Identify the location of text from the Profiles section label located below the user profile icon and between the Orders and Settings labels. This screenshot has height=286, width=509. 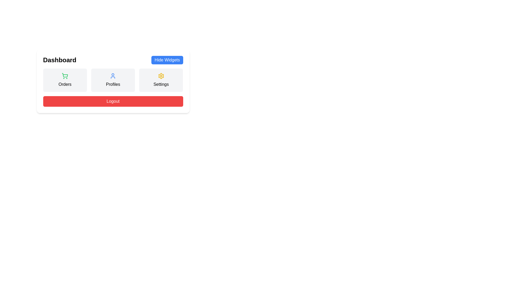
(113, 84).